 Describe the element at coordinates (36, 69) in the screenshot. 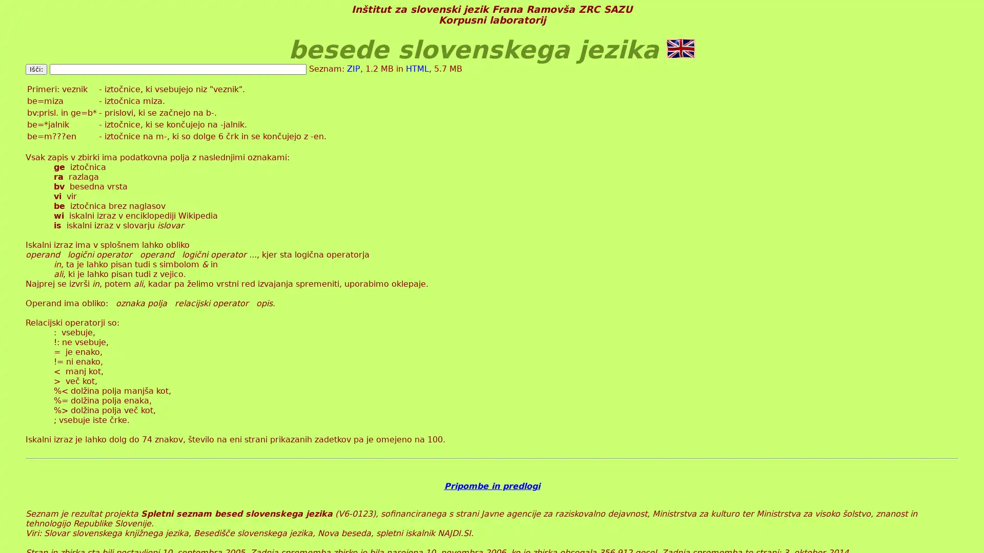

I see `Isci:` at that location.